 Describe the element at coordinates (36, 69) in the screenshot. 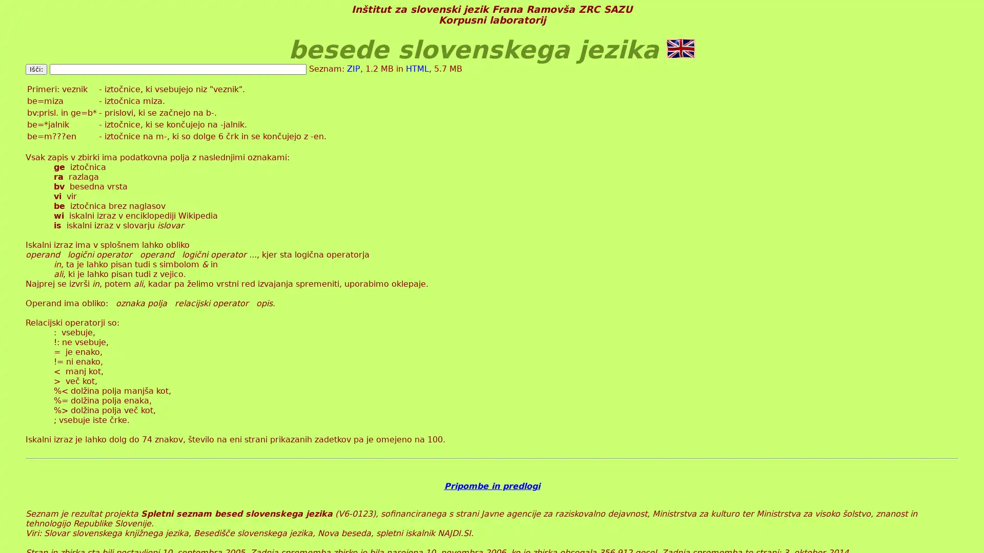

I see `Isci:` at that location.